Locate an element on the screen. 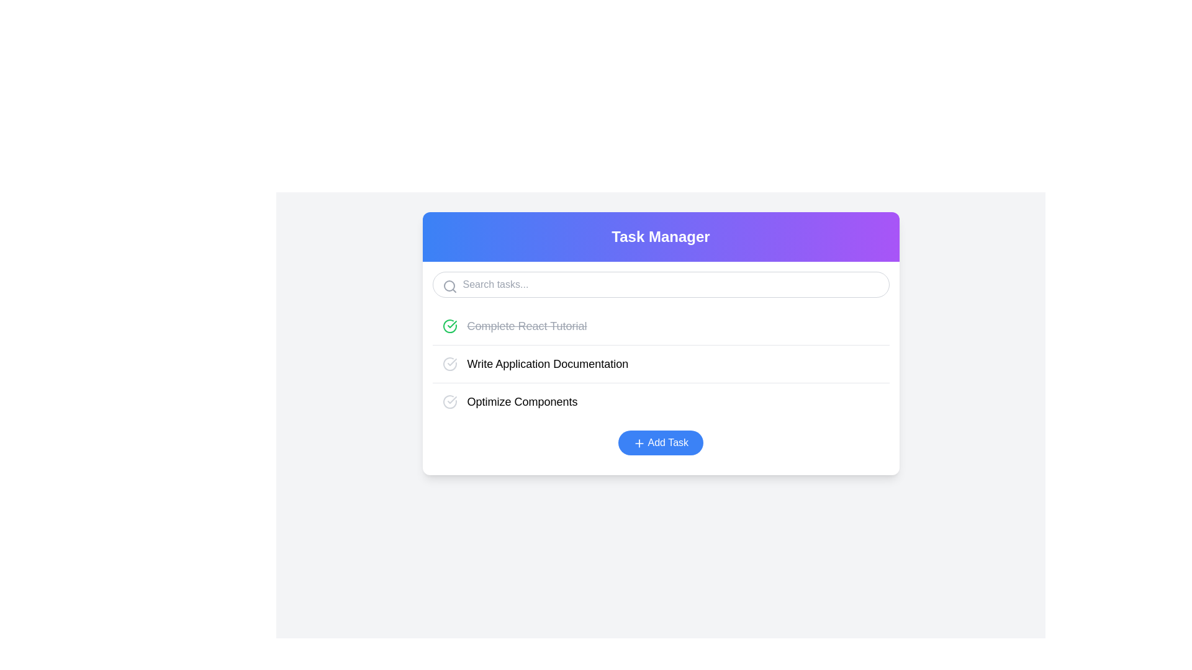 The height and width of the screenshot is (670, 1192). the checkmark icon representing a verified status located in the second task indicator, below the green check icon and to the left of 'Write Application Documentation' is located at coordinates (451, 400).